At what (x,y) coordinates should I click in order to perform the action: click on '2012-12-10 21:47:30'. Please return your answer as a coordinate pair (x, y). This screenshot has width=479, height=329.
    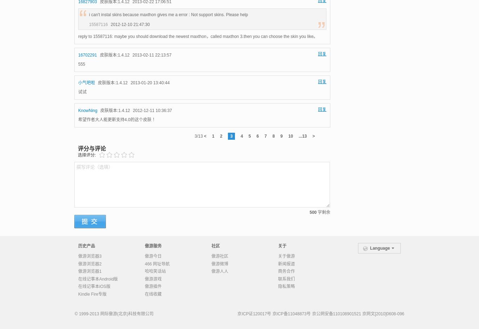
    Looking at the image, I should click on (130, 24).